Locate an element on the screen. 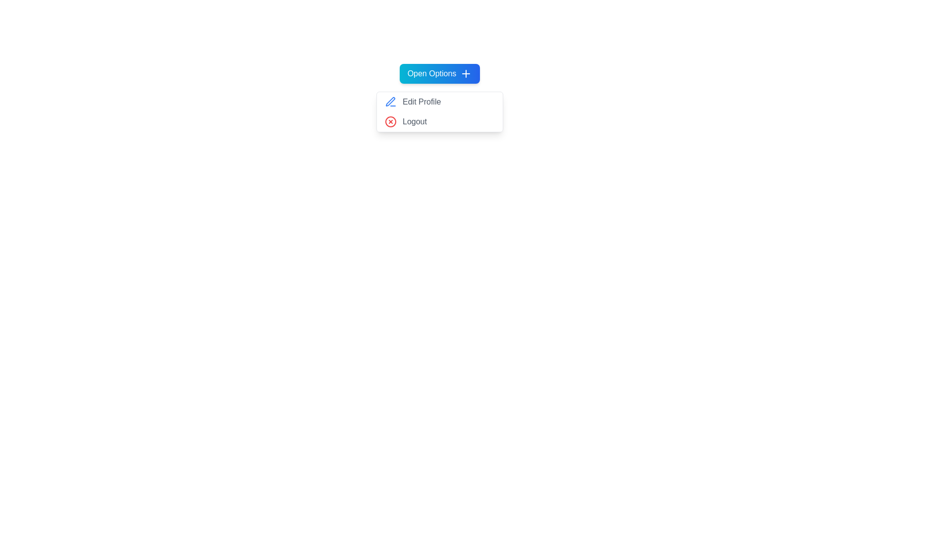 The image size is (951, 535). the 'Logout' option in the dropdown menu is located at coordinates (439, 121).